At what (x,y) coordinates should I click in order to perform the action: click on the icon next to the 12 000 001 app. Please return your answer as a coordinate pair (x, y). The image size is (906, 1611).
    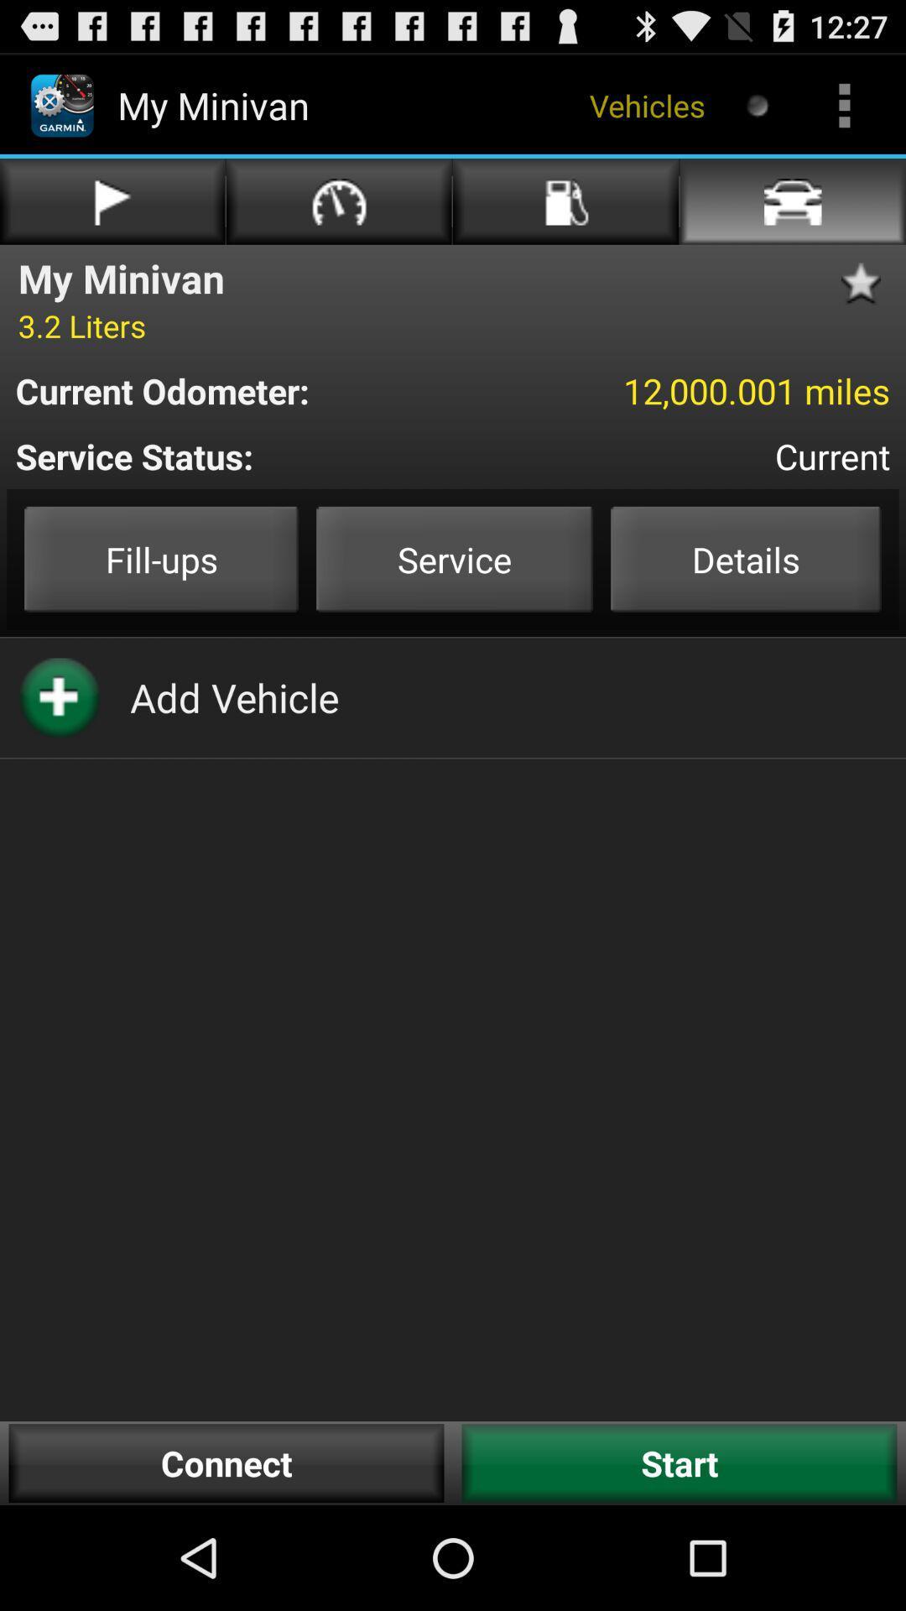
    Looking at the image, I should click on (241, 389).